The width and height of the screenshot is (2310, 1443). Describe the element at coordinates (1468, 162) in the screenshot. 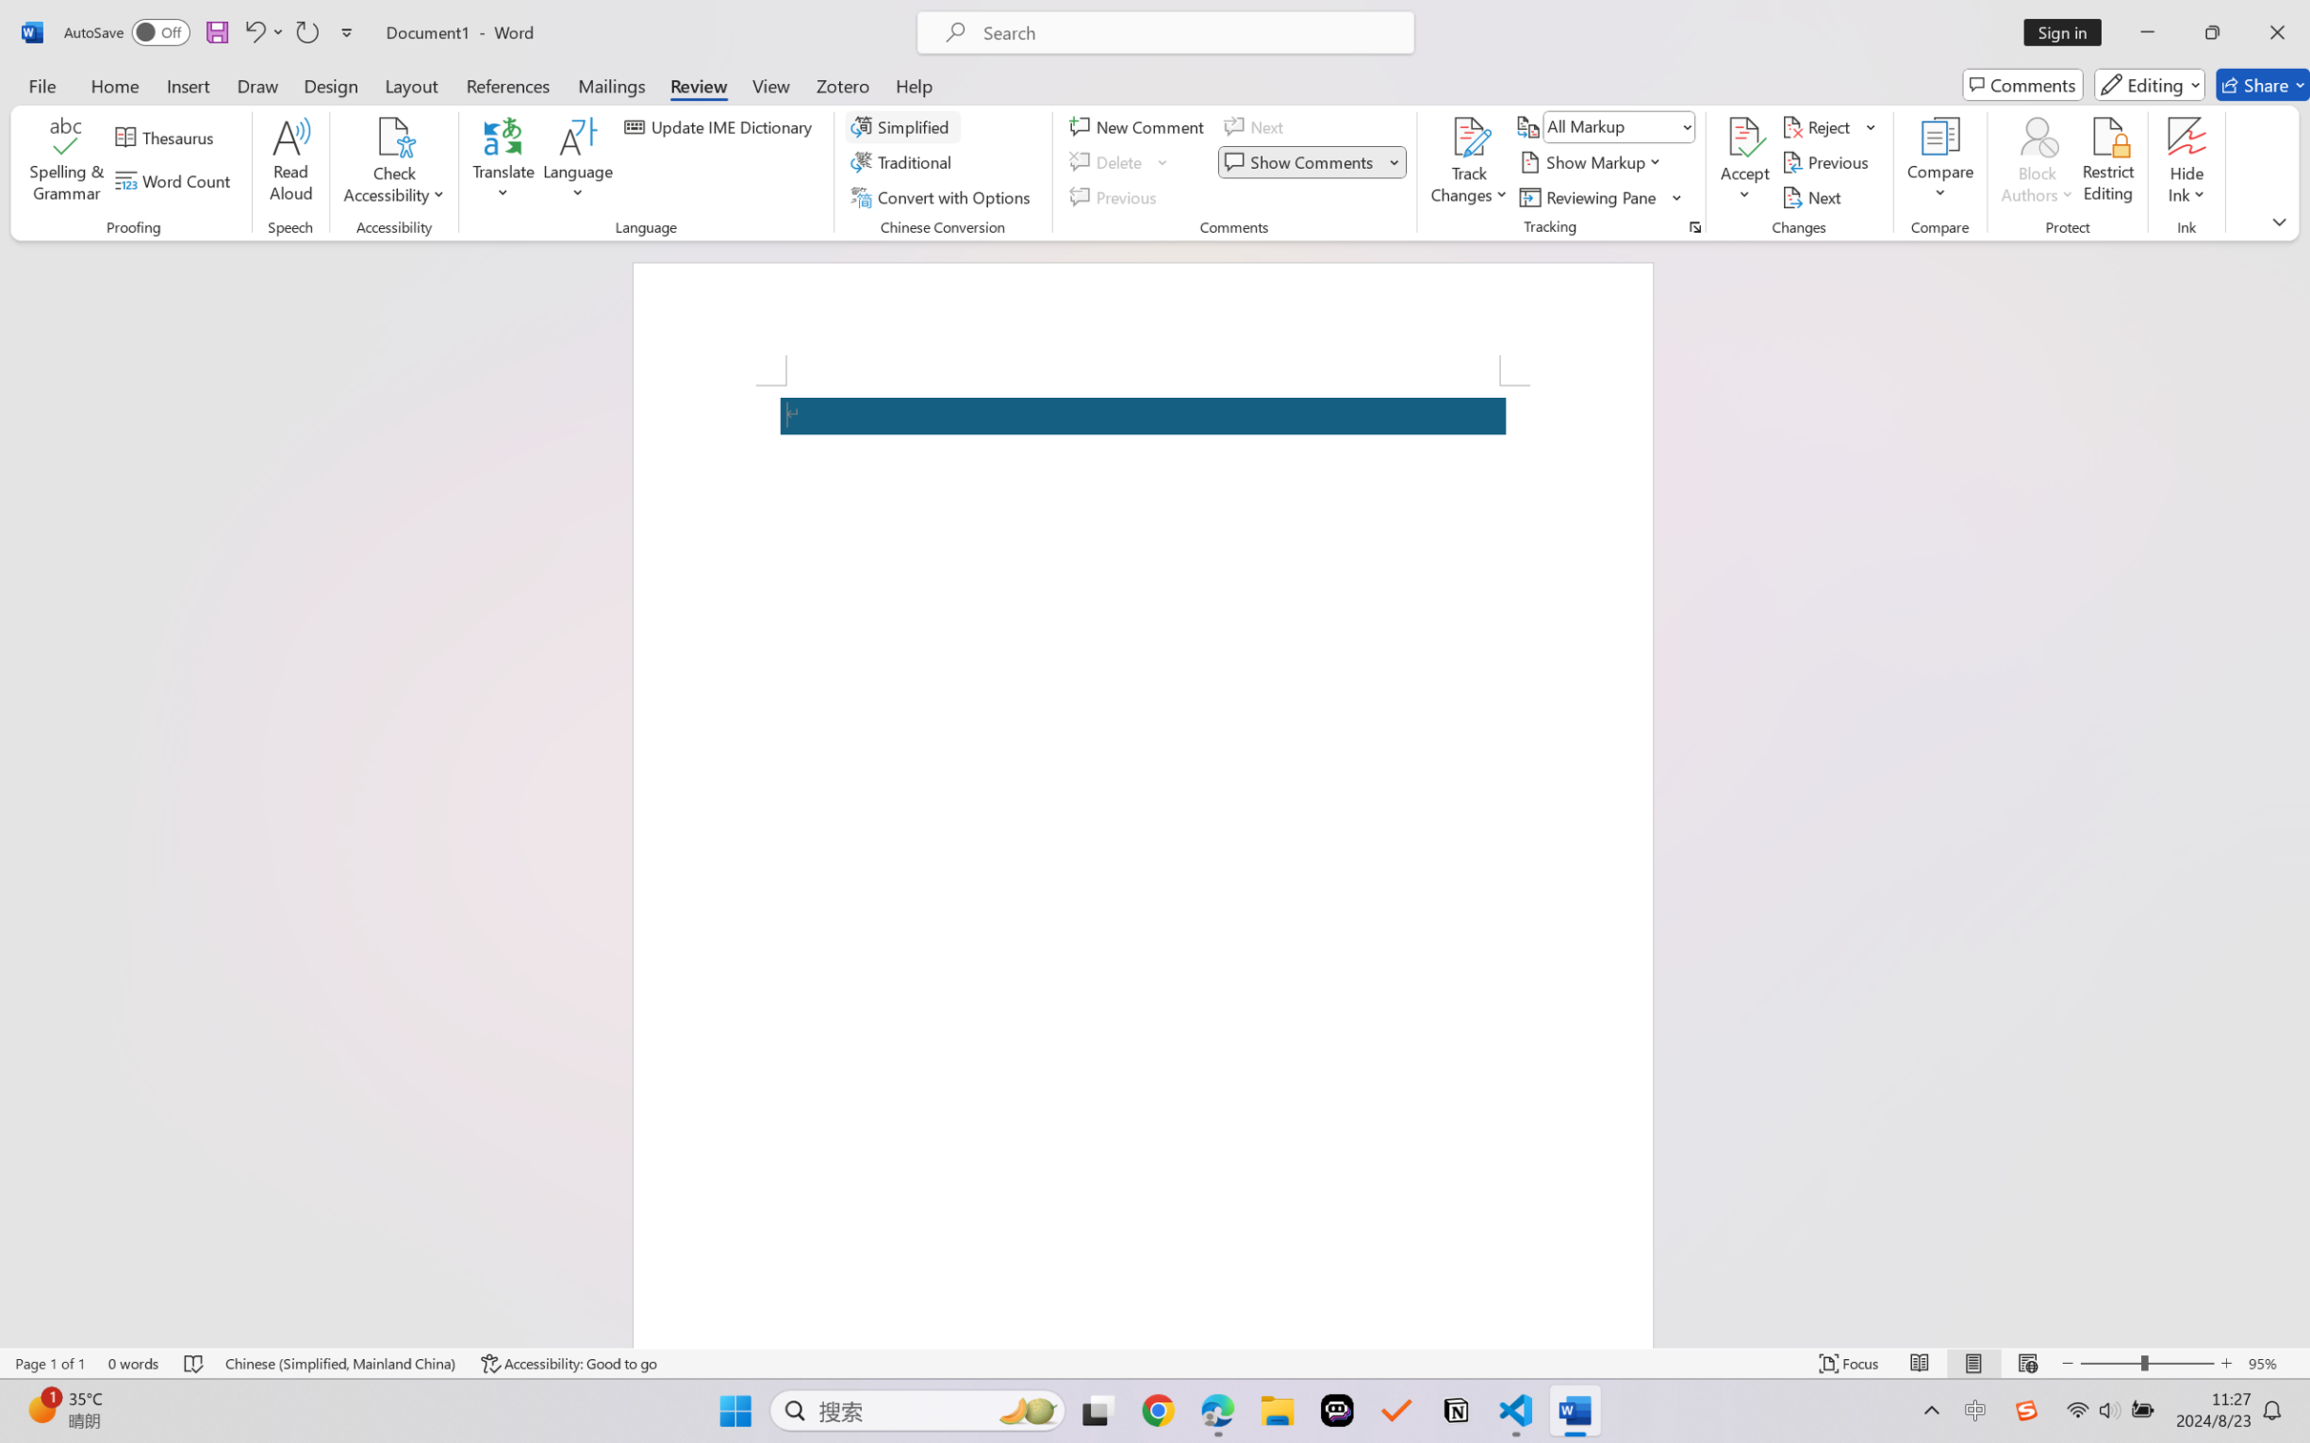

I see `'Track Changes'` at that location.